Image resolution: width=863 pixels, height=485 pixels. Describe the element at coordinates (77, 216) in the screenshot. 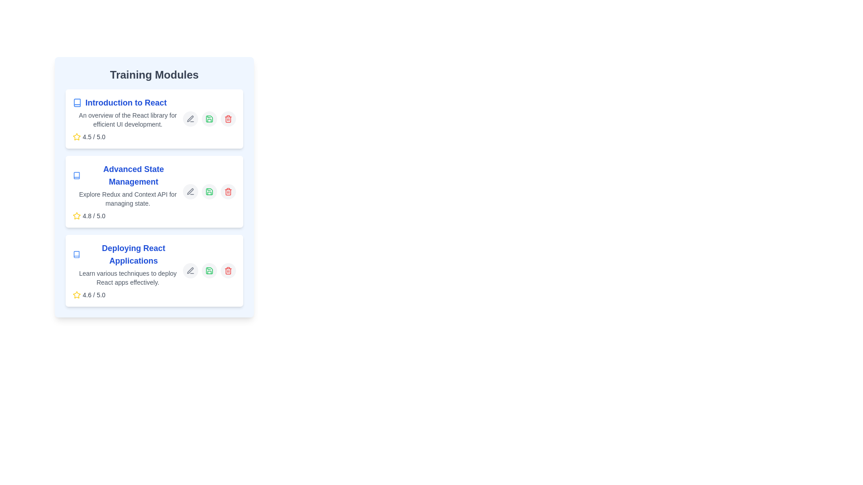

I see `the rating icon, which is visually represented as a decorative indicator of a high rating, located to the left of the text '4.8 / 5.0'` at that location.